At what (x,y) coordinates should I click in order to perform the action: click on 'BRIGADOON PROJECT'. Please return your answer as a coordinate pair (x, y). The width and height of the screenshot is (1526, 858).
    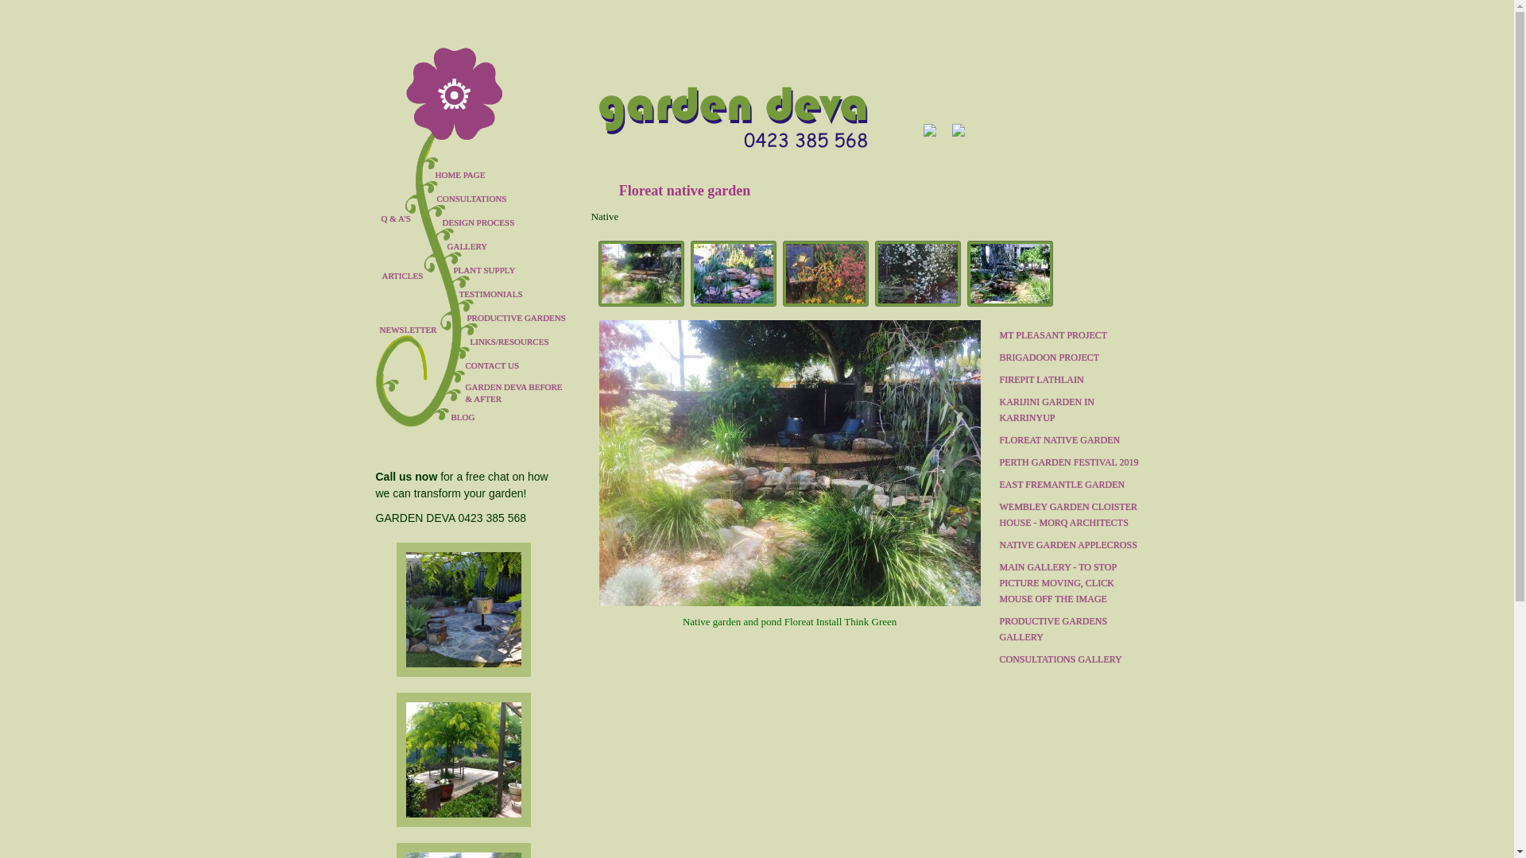
    Looking at the image, I should click on (1068, 357).